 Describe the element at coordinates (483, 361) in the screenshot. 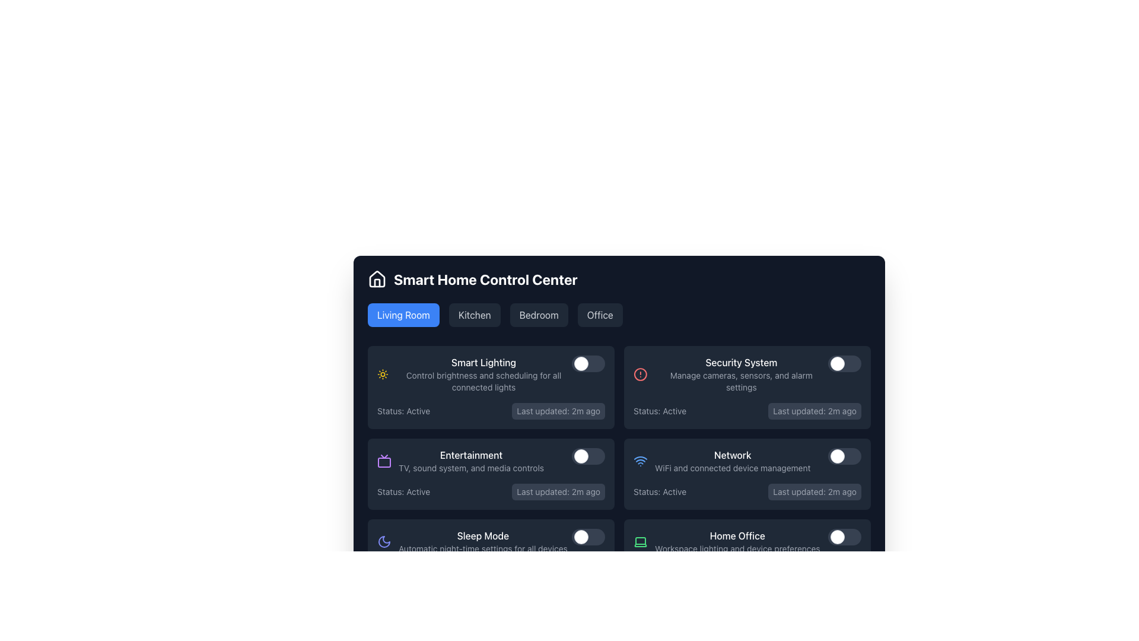

I see `the static text label stating 'Smart Lighting' which is located on a dark blue background in the top-left quadrant of the interface, part of the 'Living Room' section` at that location.